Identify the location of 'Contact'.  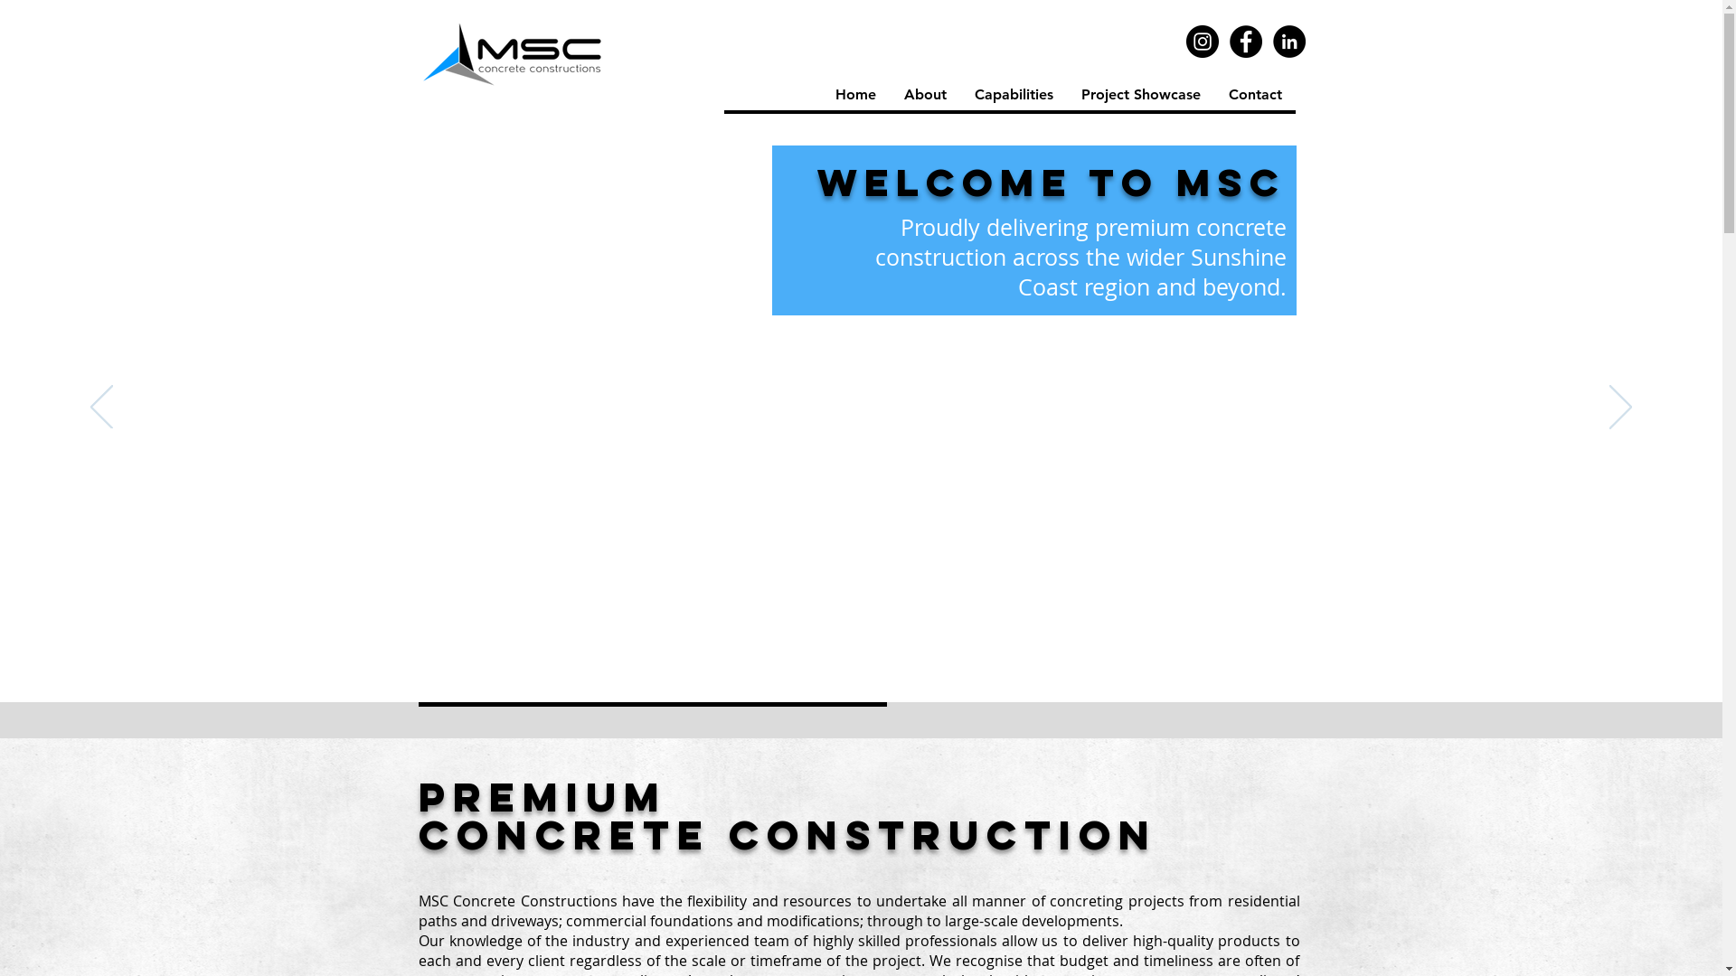
(1253, 94).